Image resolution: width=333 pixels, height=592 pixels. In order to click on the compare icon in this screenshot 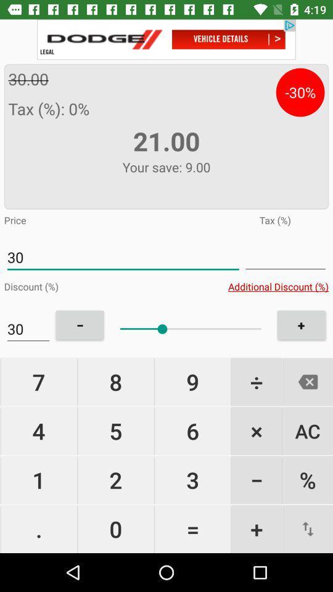, I will do `click(307, 528)`.